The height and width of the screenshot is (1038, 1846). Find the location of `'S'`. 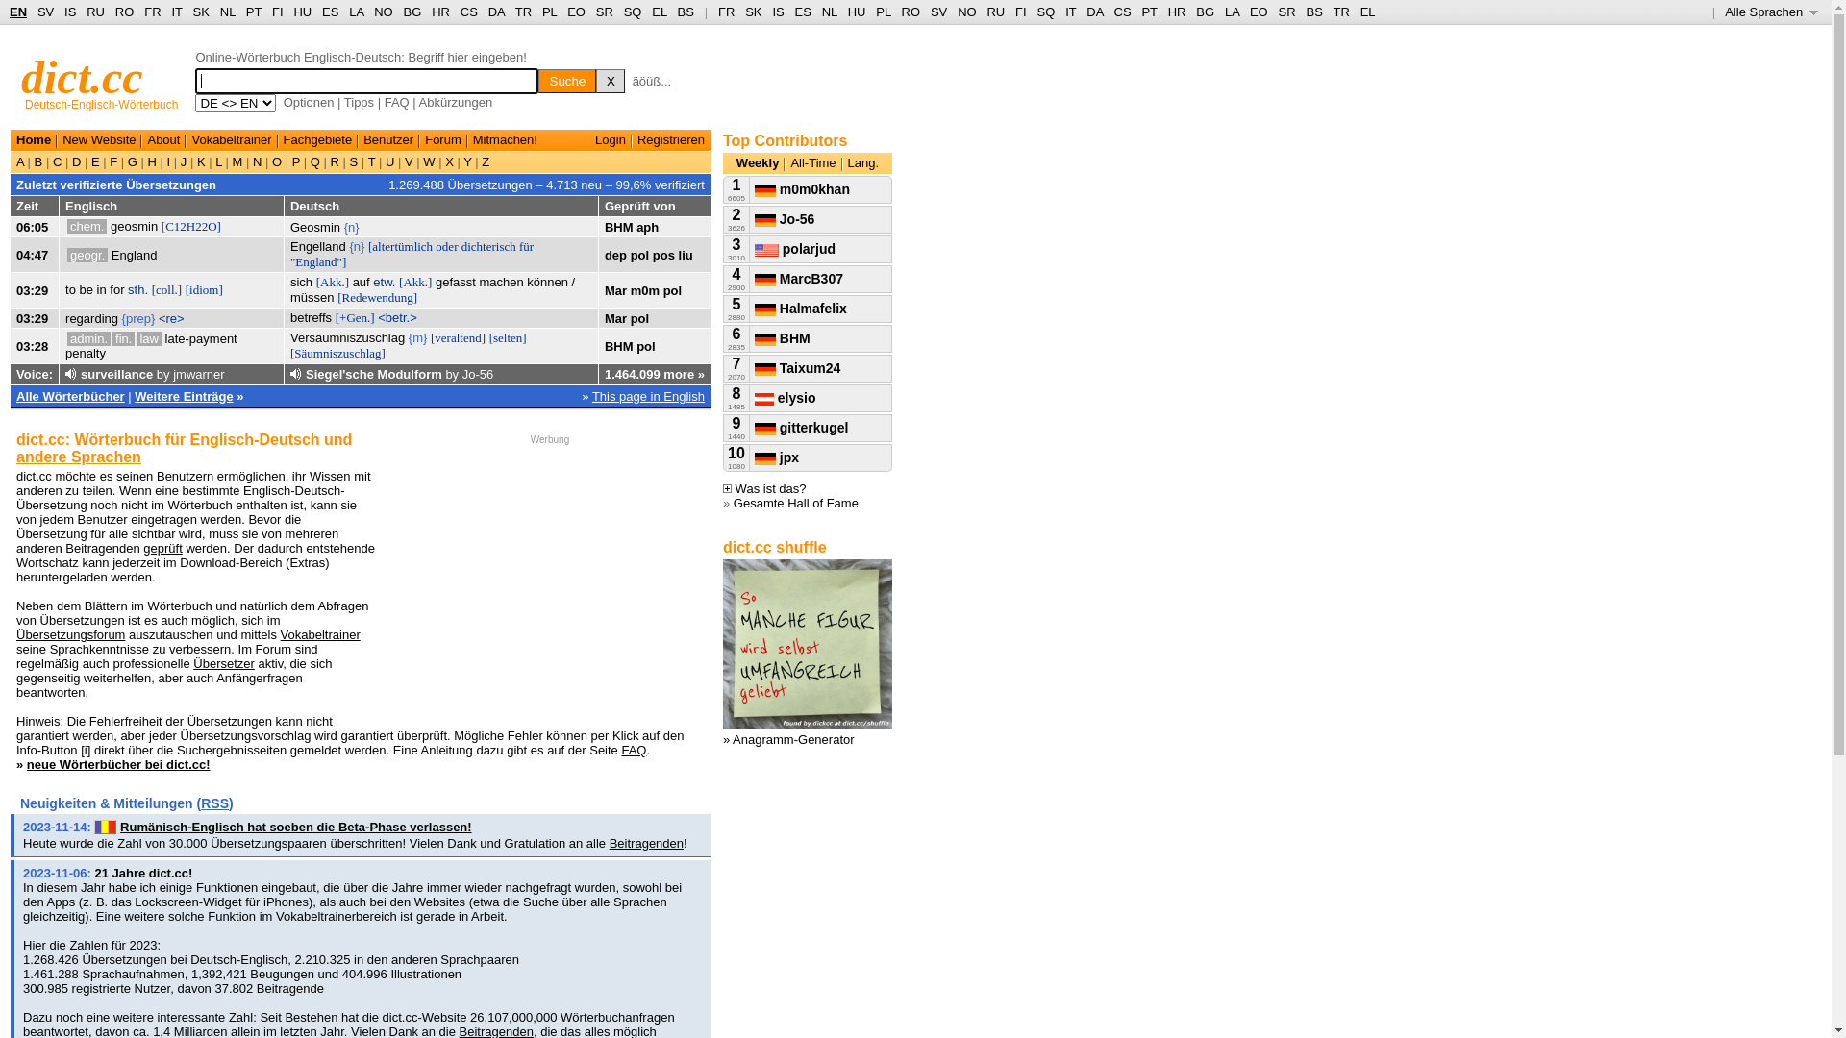

'S' is located at coordinates (346, 161).